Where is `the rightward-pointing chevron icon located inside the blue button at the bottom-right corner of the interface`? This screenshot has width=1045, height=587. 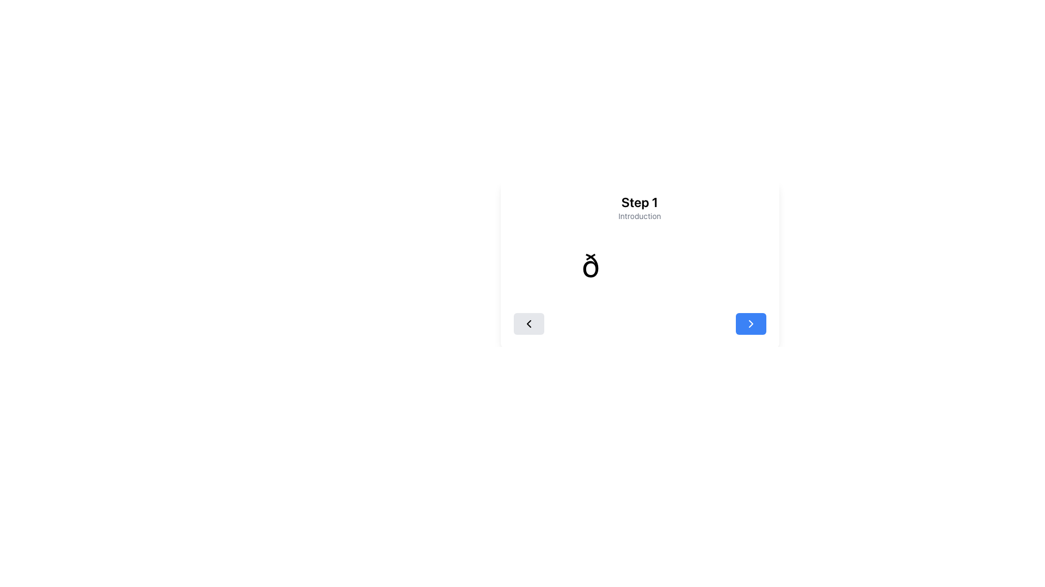
the rightward-pointing chevron icon located inside the blue button at the bottom-right corner of the interface is located at coordinates (750, 323).